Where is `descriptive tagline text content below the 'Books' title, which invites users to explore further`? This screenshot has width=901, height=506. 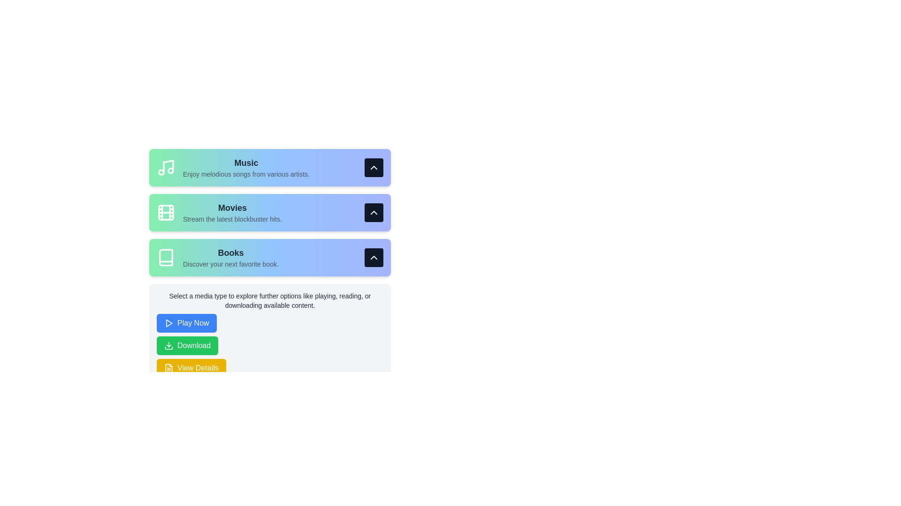 descriptive tagline text content below the 'Books' title, which invites users to explore further is located at coordinates (230, 264).